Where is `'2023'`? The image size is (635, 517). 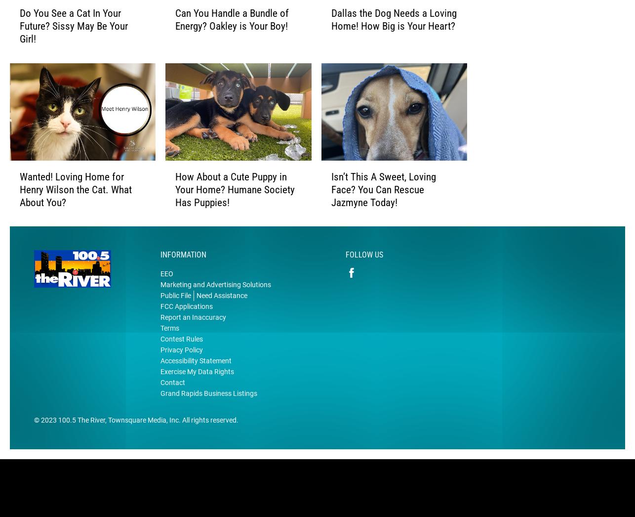
'2023' is located at coordinates (49, 435).